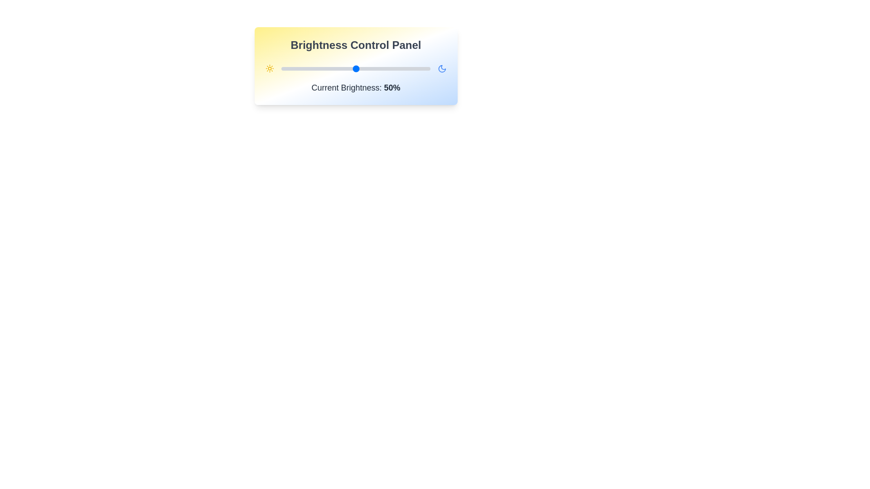 This screenshot has width=870, height=489. What do you see at coordinates (336, 68) in the screenshot?
I see `the brightness` at bounding box center [336, 68].